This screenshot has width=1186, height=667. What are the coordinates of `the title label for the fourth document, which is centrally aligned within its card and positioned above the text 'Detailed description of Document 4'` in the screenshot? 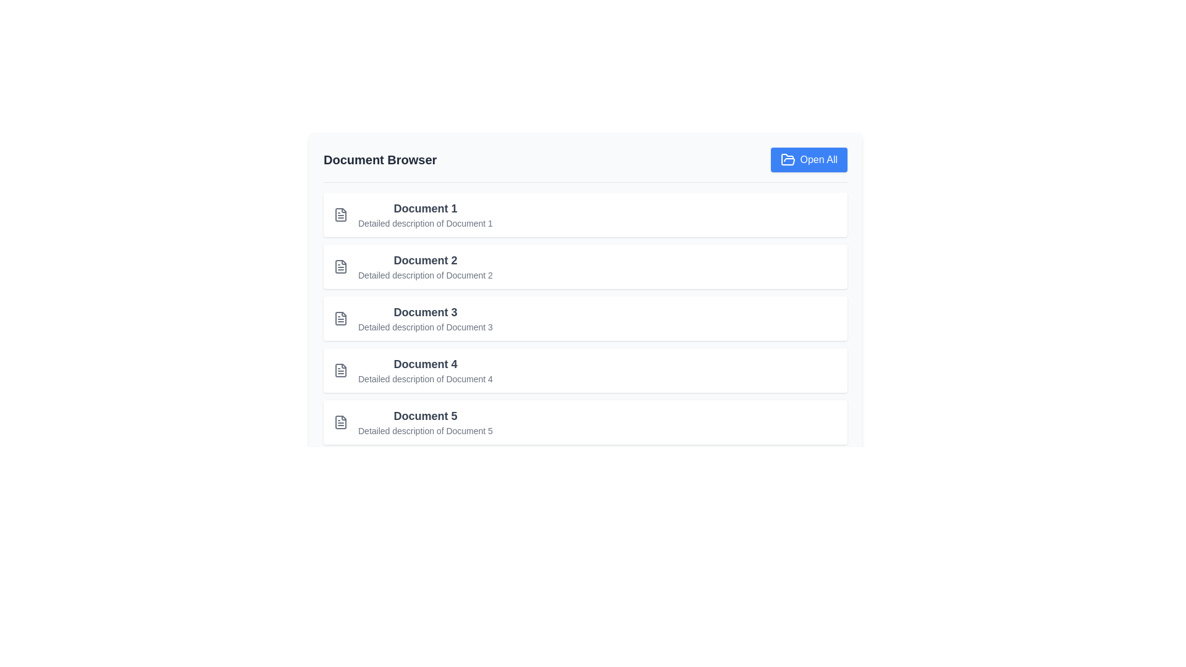 It's located at (425, 364).